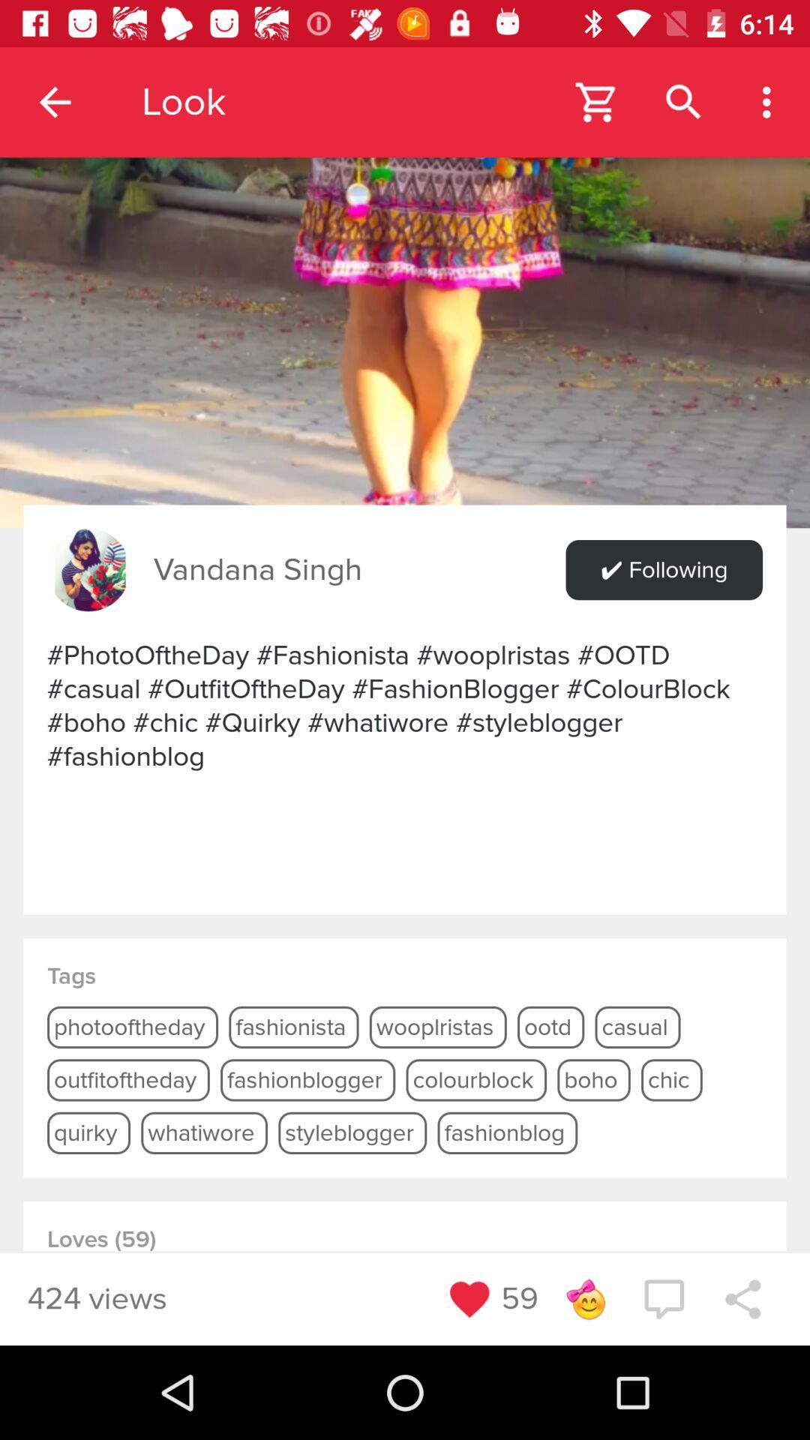 This screenshot has height=1440, width=810. What do you see at coordinates (596, 101) in the screenshot?
I see `my cart` at bounding box center [596, 101].